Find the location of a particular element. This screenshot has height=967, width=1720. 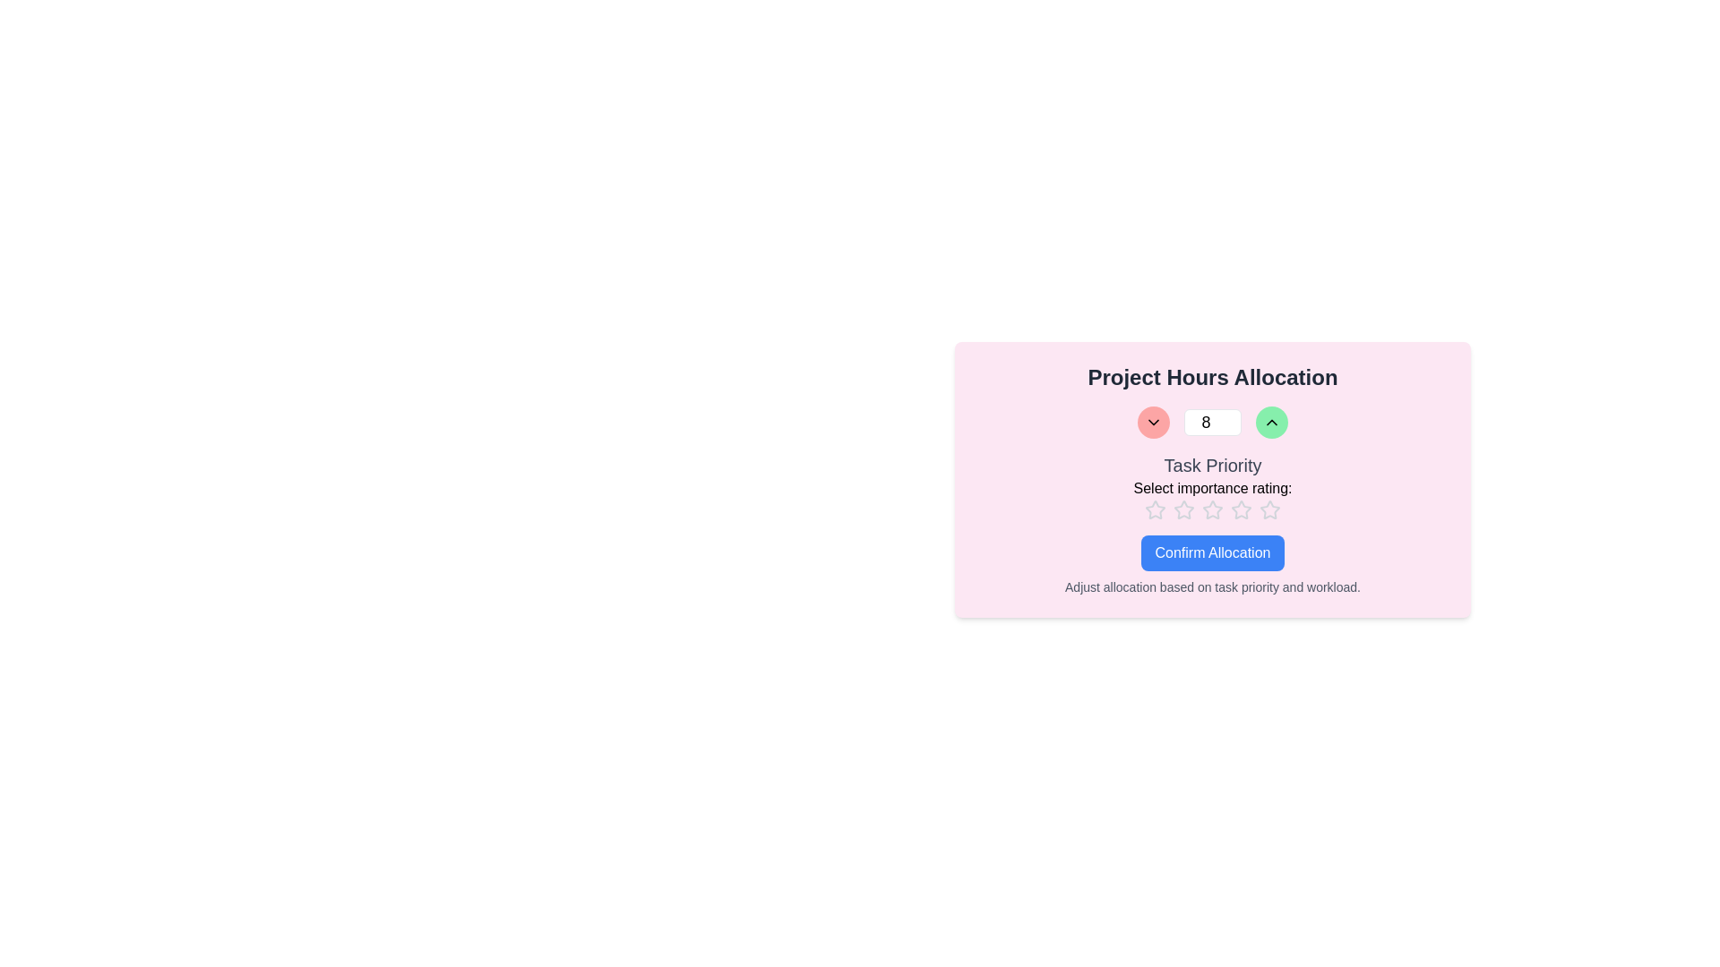

the blue button labeled 'Confirm Allocation' located at the center of the panel under the 'Task Priority' rating options to confirm allocation is located at coordinates (1212, 552).